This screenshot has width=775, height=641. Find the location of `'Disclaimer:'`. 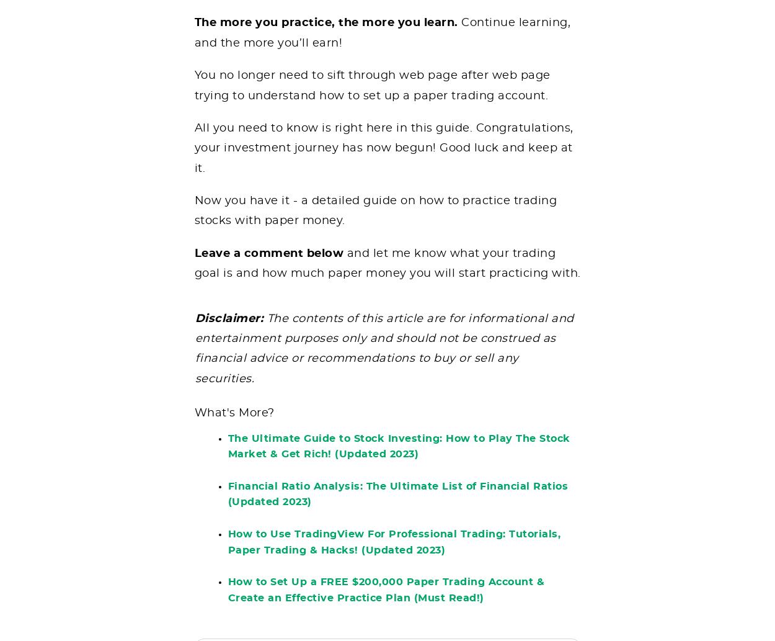

'Disclaimer:' is located at coordinates (229, 326).